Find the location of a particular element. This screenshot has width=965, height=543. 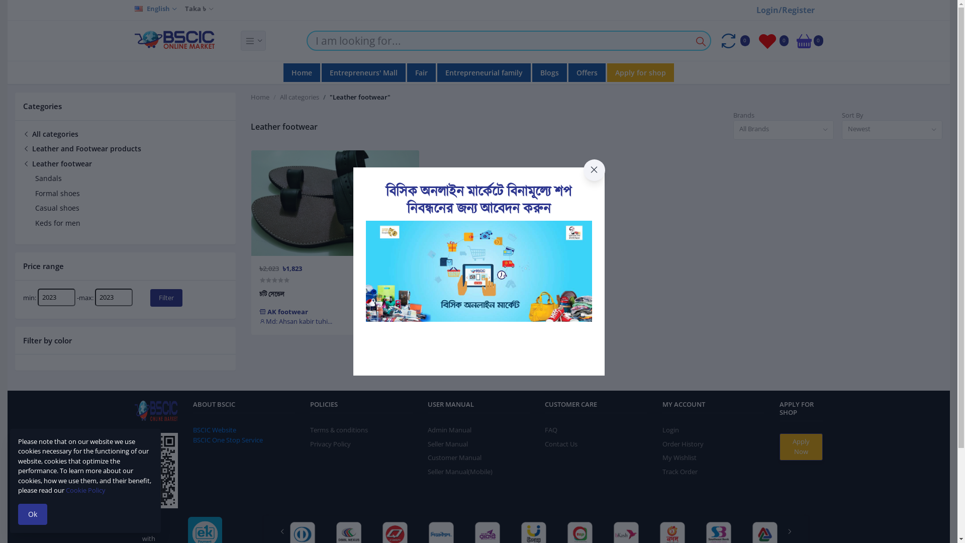

'AK footwear' is located at coordinates (283, 311).